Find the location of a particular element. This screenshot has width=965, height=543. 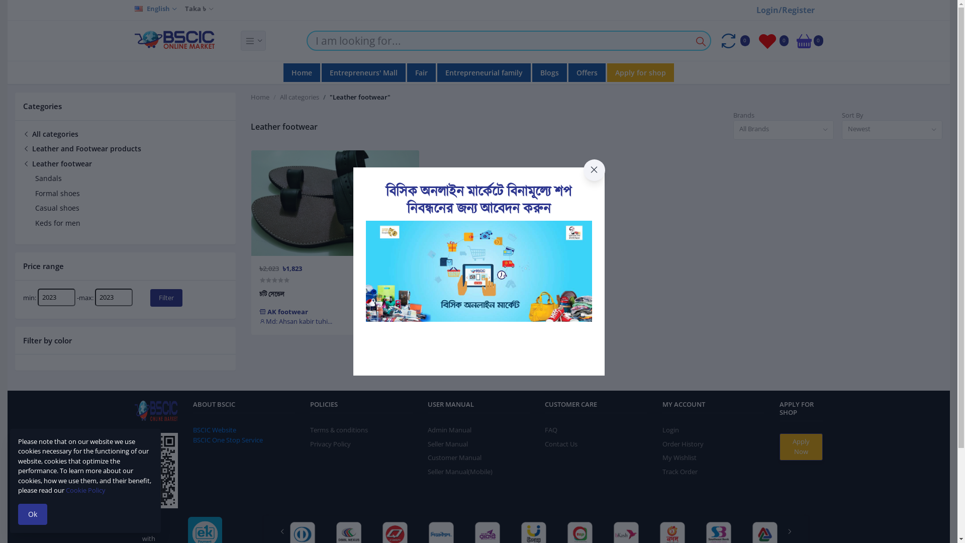

'AK footwear' is located at coordinates (283, 311).